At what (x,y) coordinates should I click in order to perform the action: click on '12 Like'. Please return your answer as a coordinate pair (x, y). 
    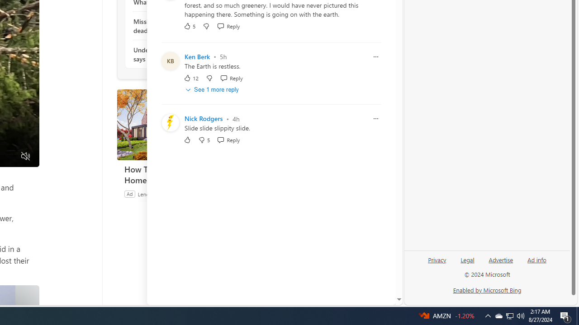
    Looking at the image, I should click on (190, 77).